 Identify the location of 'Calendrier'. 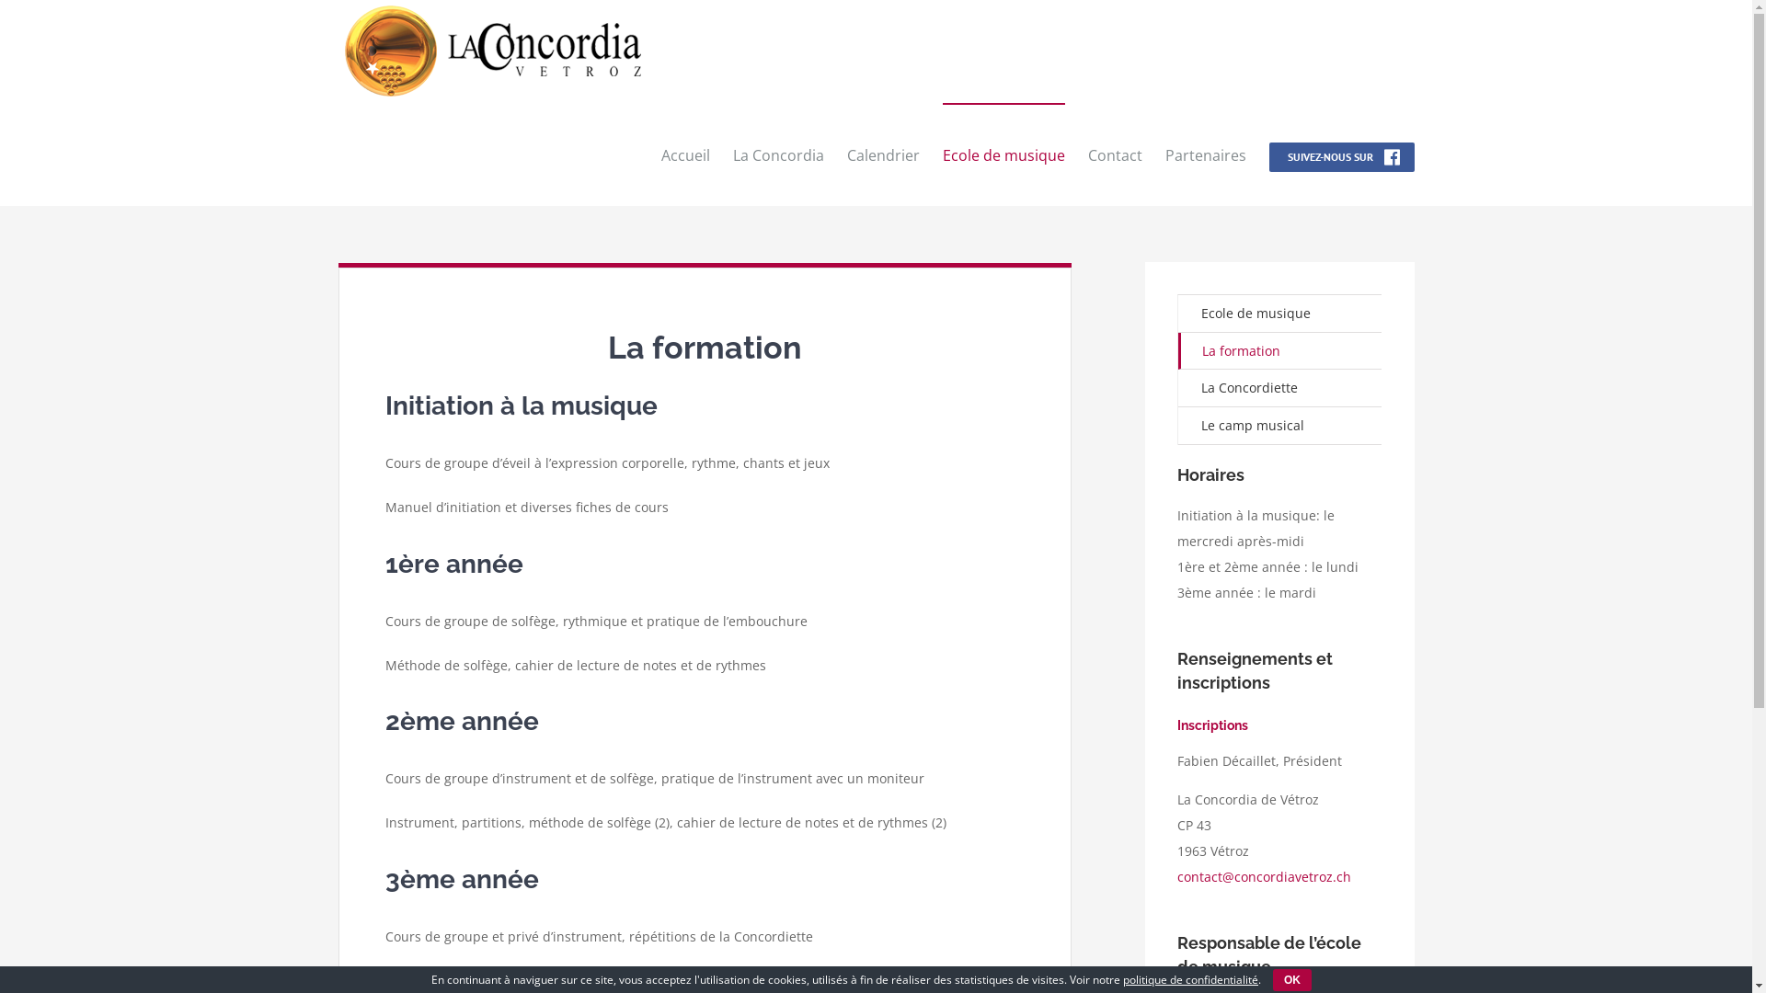
(881, 154).